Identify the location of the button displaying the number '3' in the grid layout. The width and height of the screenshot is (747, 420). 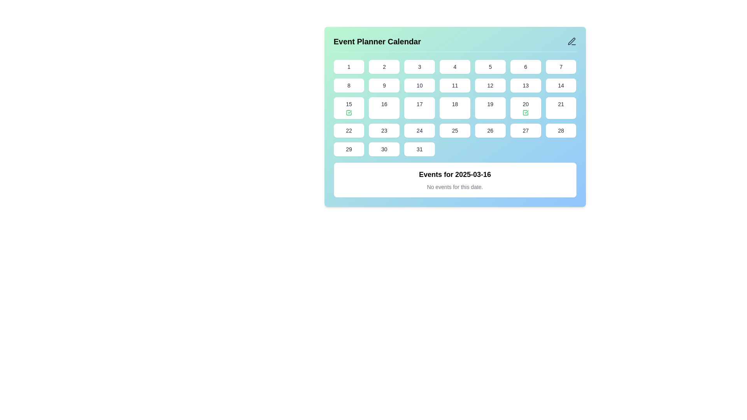
(419, 66).